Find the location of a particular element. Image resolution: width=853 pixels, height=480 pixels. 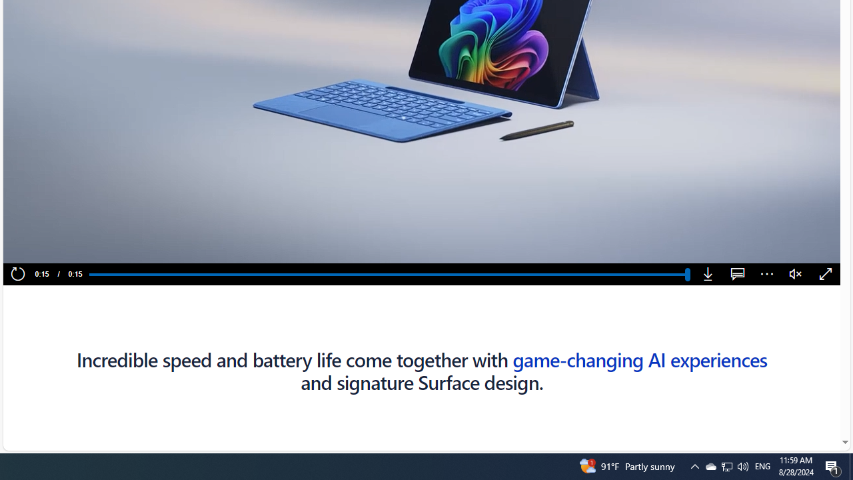

'Download' is located at coordinates (708, 274).